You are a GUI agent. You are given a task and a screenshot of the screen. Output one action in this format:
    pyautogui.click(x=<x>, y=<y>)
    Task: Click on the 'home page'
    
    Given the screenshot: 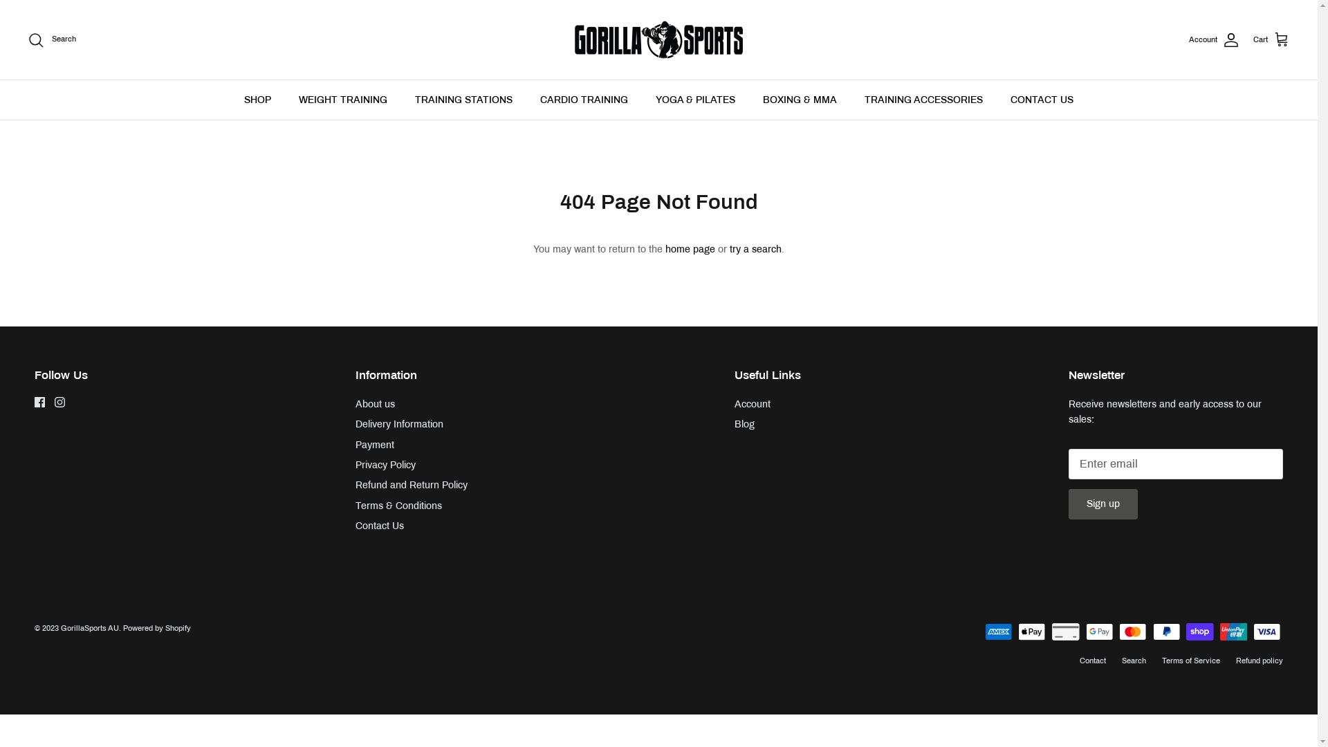 What is the action you would take?
    pyautogui.click(x=690, y=249)
    